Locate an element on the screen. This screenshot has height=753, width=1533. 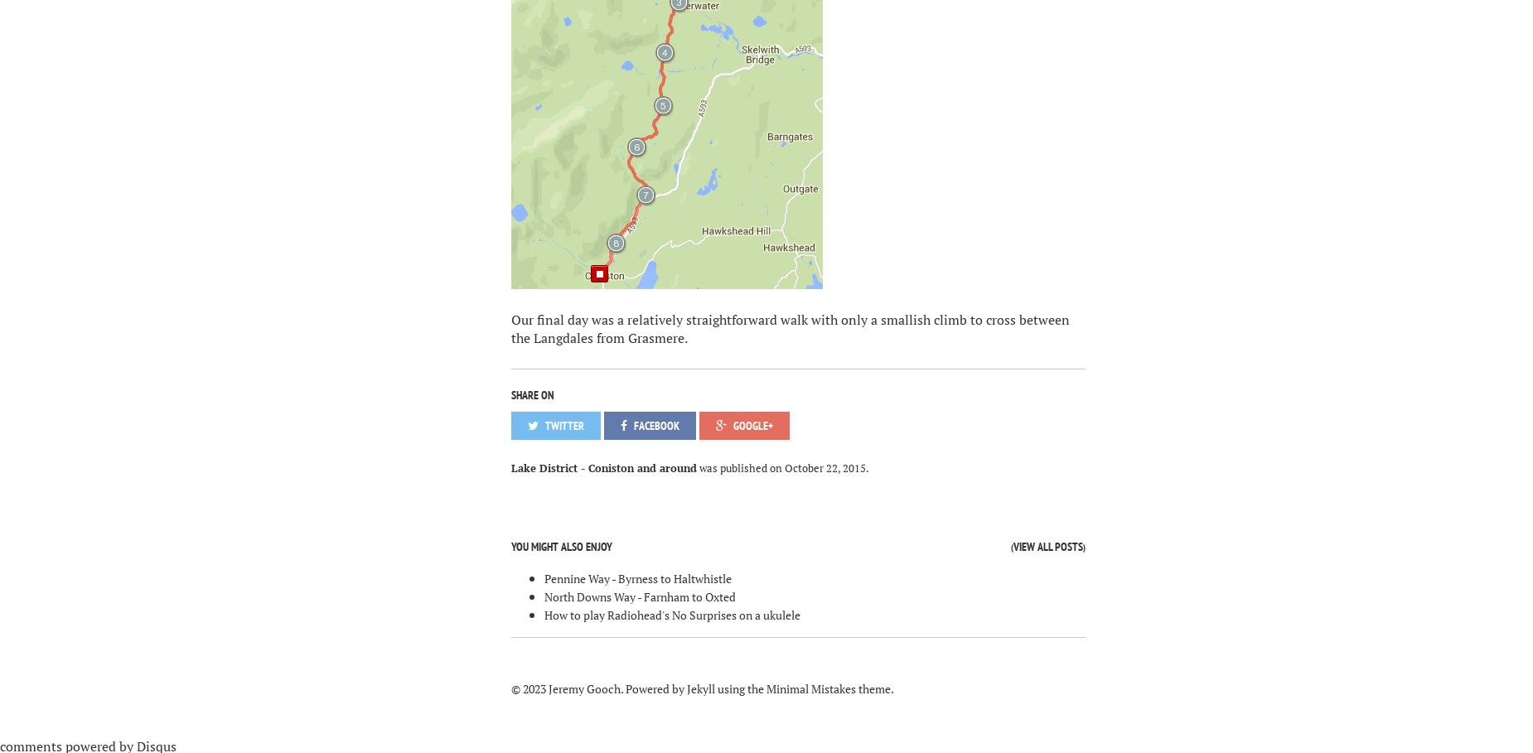
'.' is located at coordinates (865, 466).